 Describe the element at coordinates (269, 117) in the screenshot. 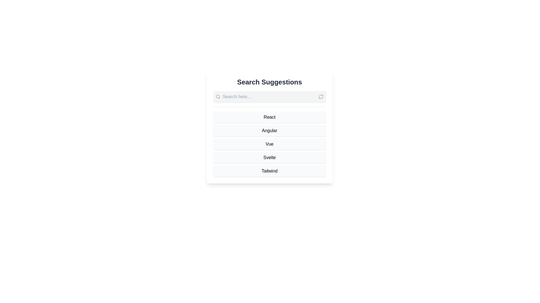

I see `the first item in the vertically stacked list, which is a button with the text 'React' in bold black font` at that location.